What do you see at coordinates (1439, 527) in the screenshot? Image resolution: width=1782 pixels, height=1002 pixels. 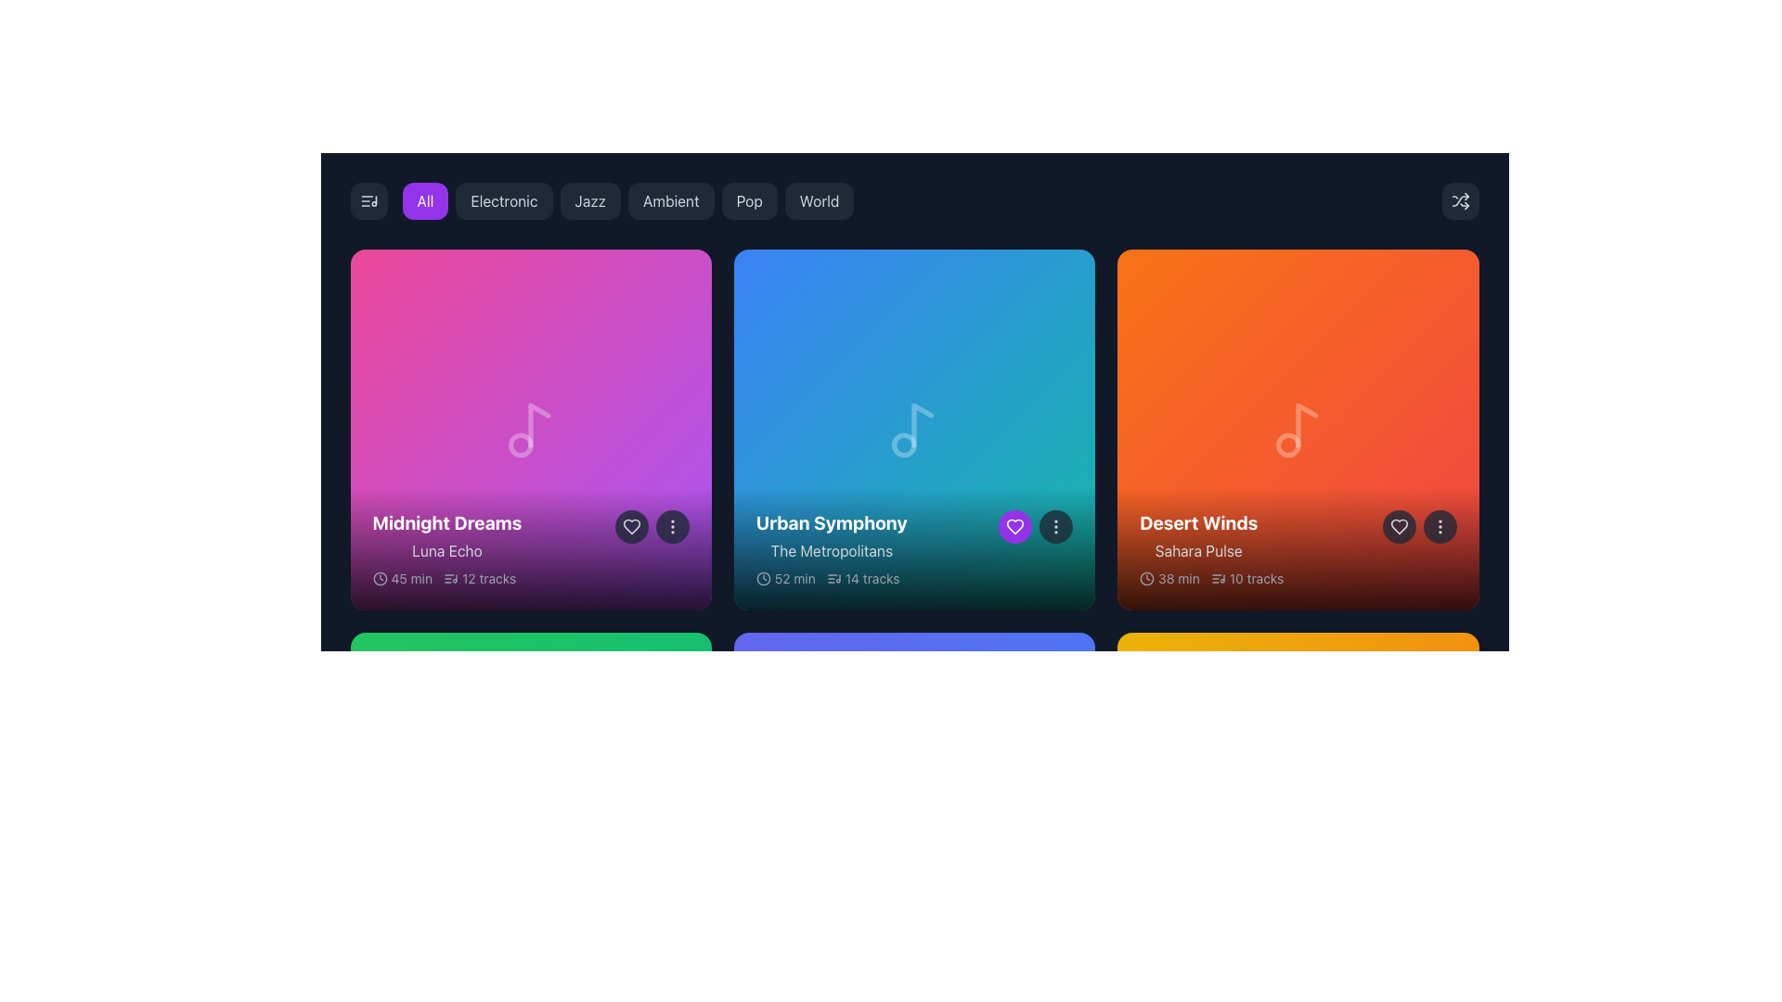 I see `the button located at the bottom-right corner of the 'Desert Winds' card` at bounding box center [1439, 527].